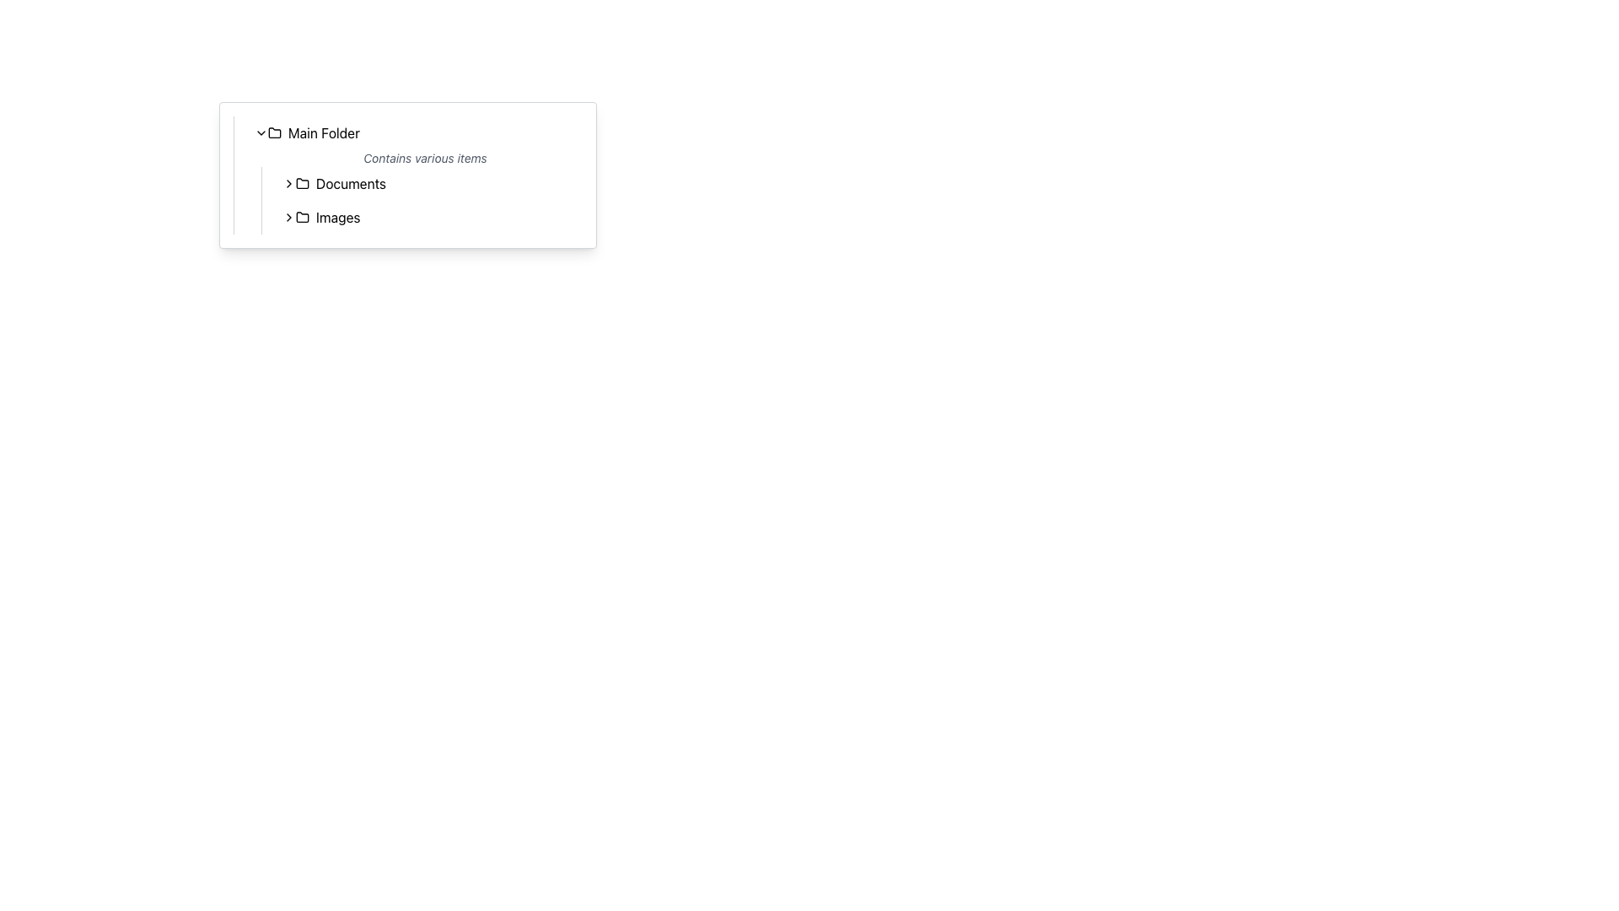 The height and width of the screenshot is (911, 1619). What do you see at coordinates (303, 182) in the screenshot?
I see `the 'Documents' folder icon in the file explorer interface, which visually represents the 'Documents' section and is located to the left of the label text` at bounding box center [303, 182].